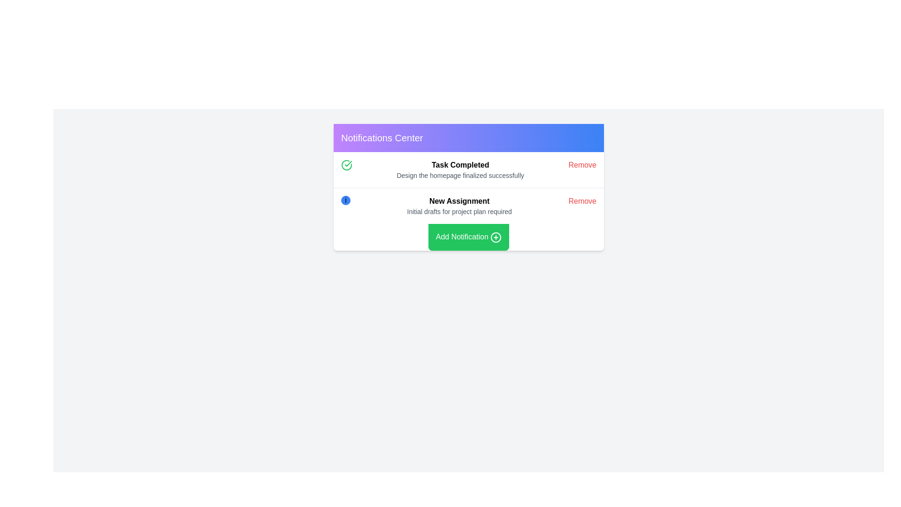 The height and width of the screenshot is (507, 901). Describe the element at coordinates (460, 176) in the screenshot. I see `the supplementary description text label that elaborates on the completed task, located directly below the 'Task Completed' title in the notification box` at that location.